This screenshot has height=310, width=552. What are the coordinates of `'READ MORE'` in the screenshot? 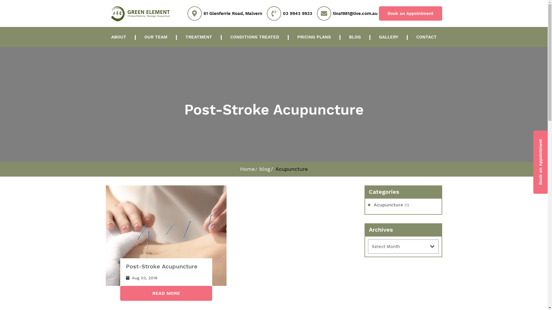 It's located at (166, 293).